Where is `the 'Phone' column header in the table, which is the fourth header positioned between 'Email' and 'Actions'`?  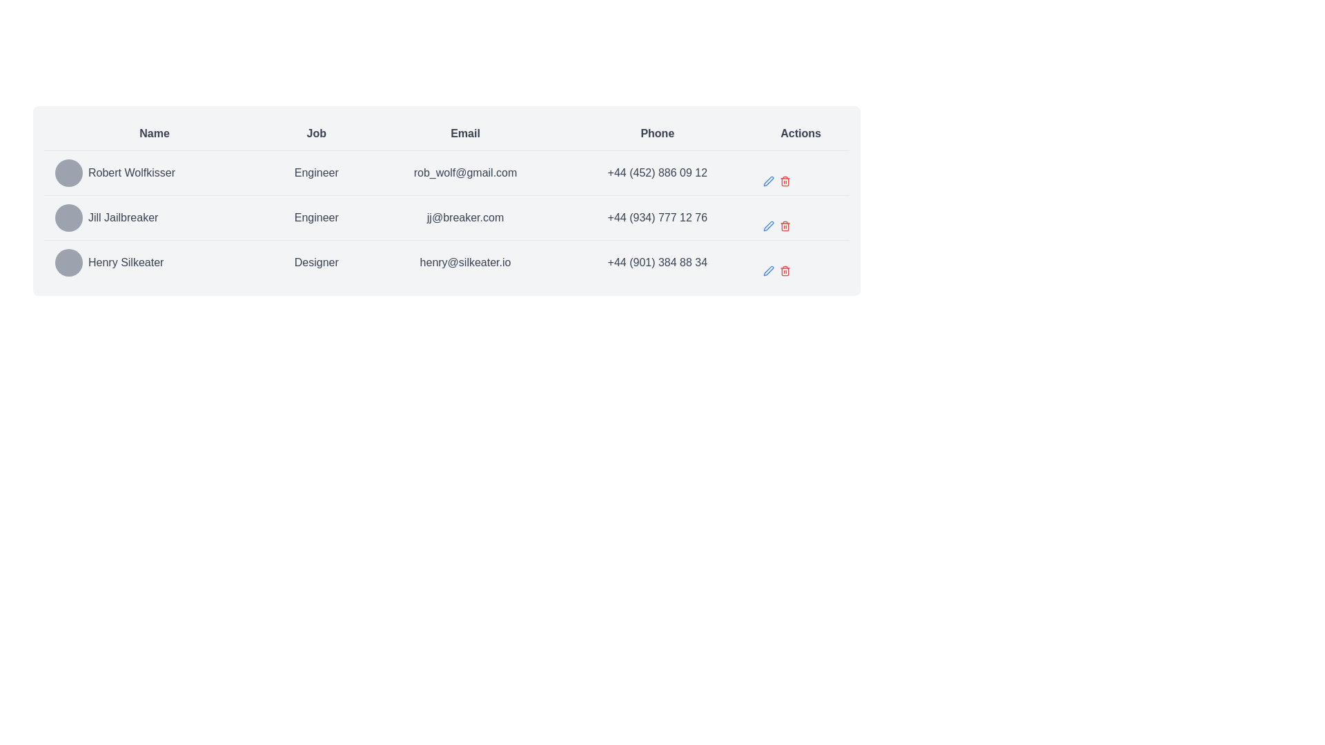
the 'Phone' column header in the table, which is the fourth header positioned between 'Email' and 'Actions' is located at coordinates (656, 134).